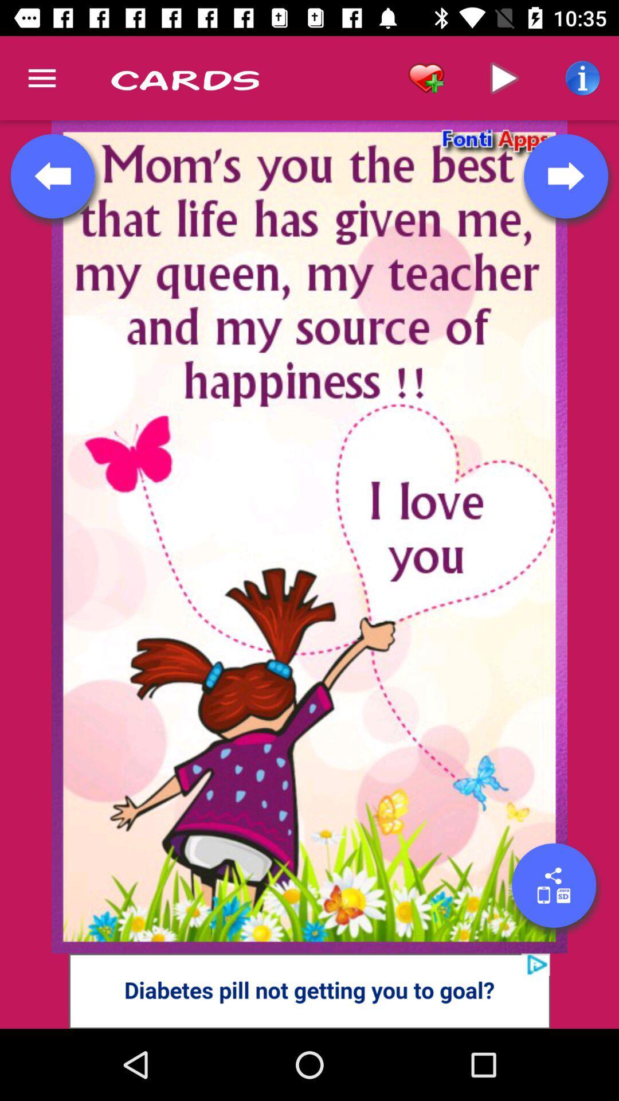  Describe the element at coordinates (565, 175) in the screenshot. I see `the arrow_forward icon` at that location.